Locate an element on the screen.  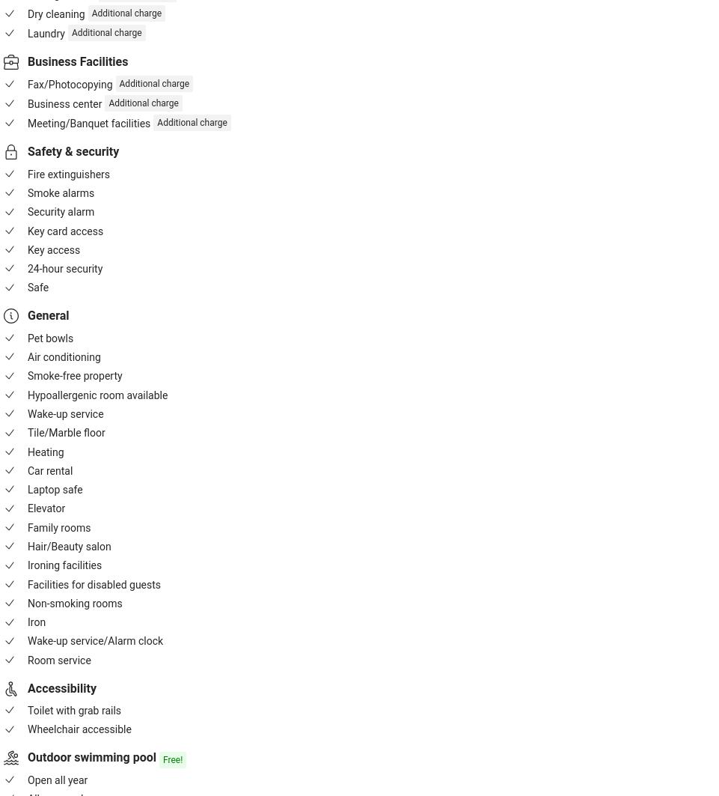
'General' is located at coordinates (48, 315).